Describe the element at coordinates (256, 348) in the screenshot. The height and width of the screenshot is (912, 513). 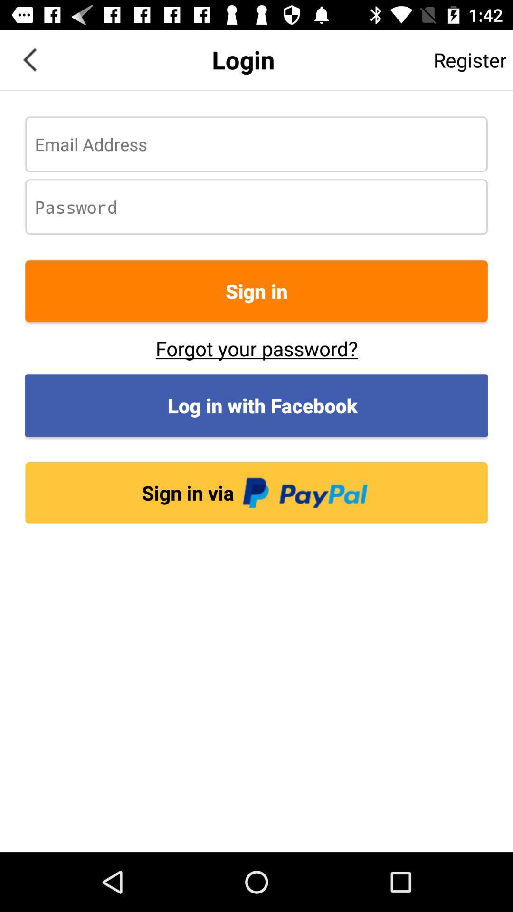
I see `forgot your password? icon` at that location.